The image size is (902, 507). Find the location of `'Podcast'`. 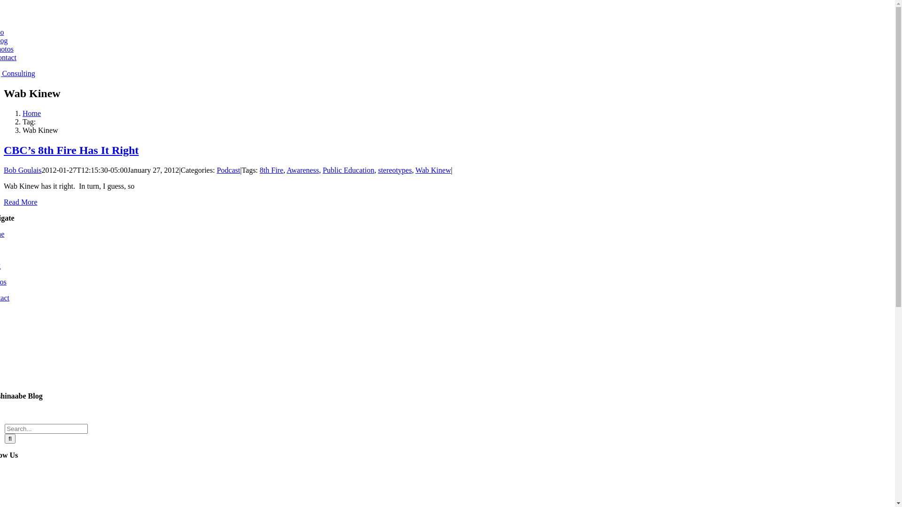

'Podcast' is located at coordinates (228, 170).